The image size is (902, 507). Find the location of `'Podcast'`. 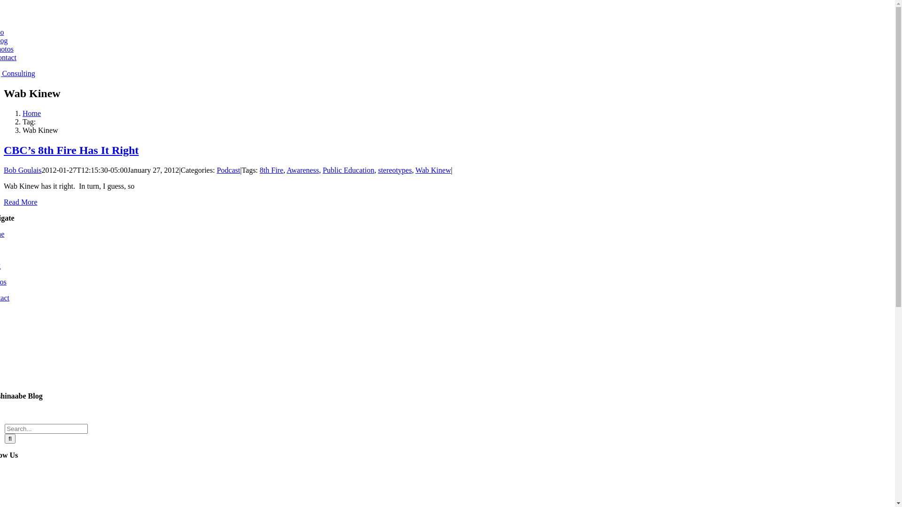

'Podcast' is located at coordinates (228, 170).